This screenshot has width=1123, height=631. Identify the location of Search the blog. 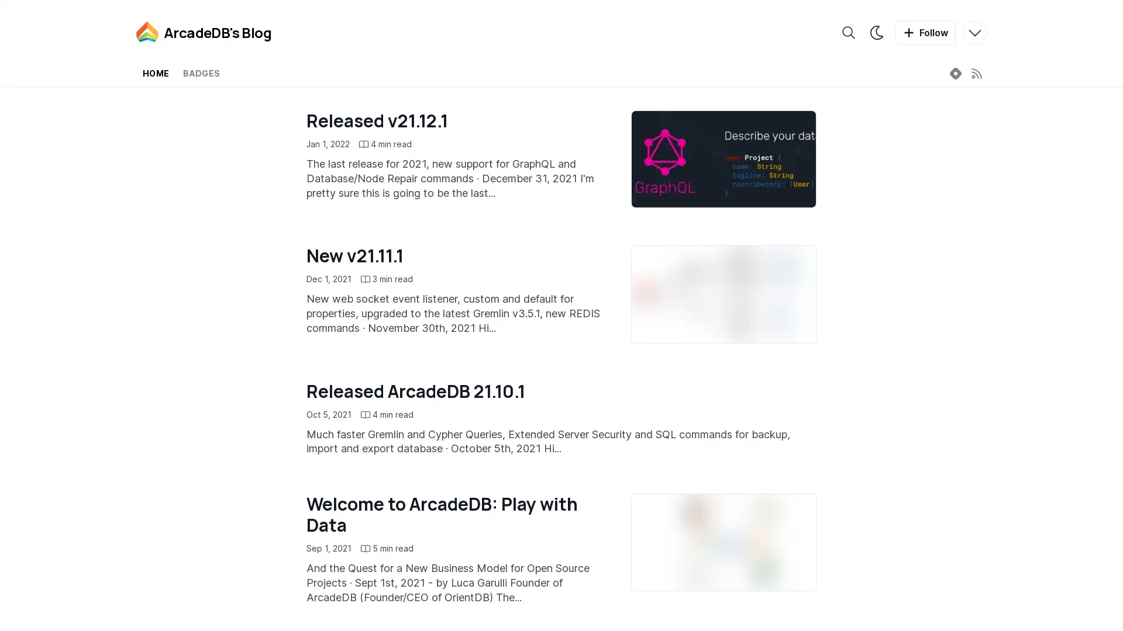
(848, 32).